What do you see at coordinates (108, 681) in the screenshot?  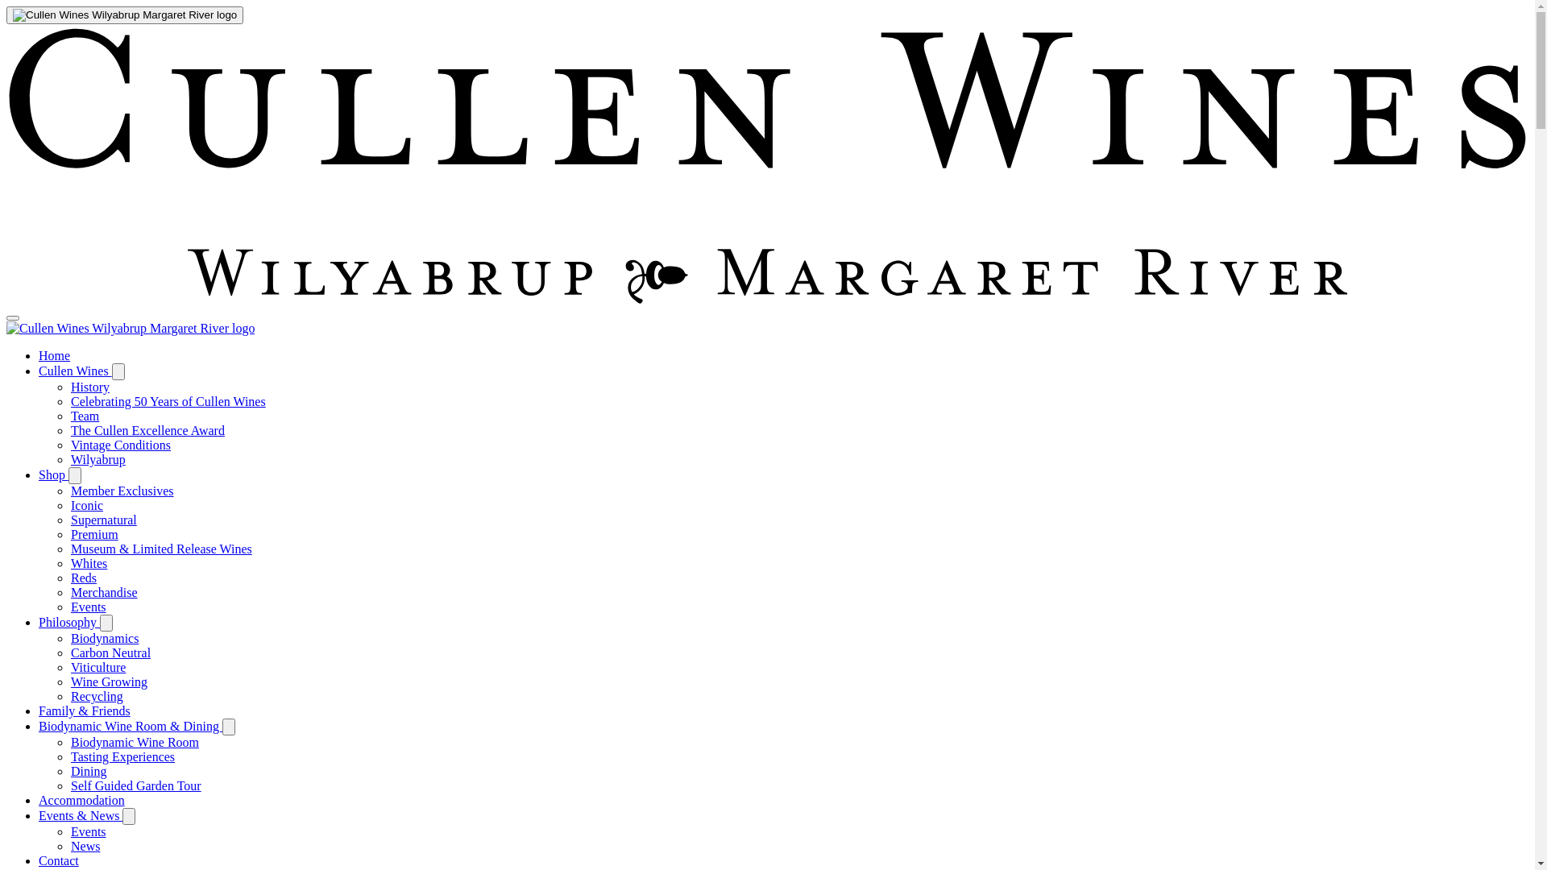 I see `'Wine Growing'` at bounding box center [108, 681].